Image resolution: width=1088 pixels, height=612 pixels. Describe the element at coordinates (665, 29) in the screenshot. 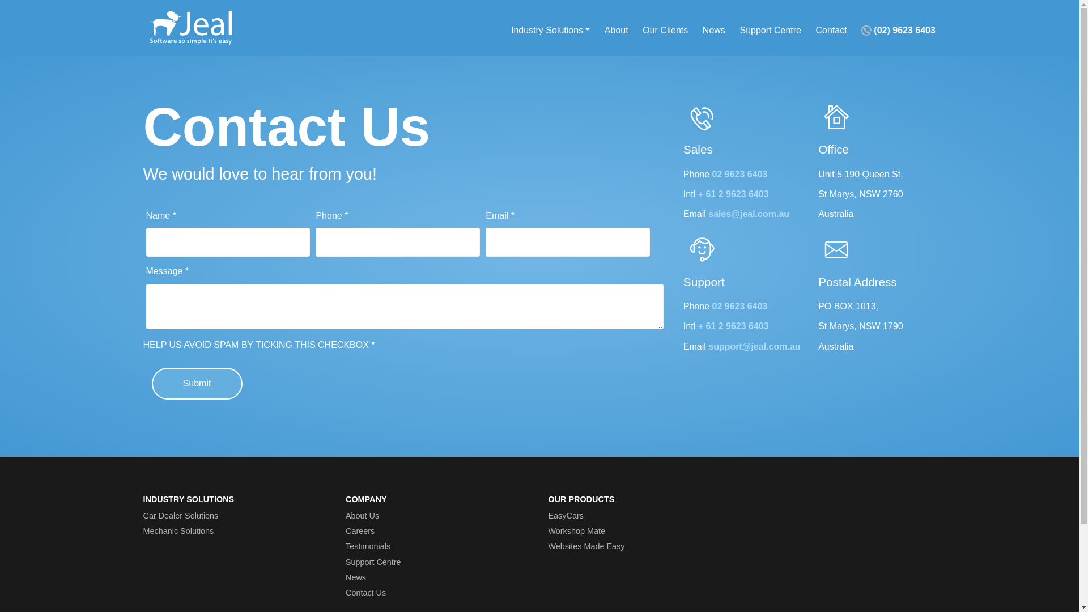

I see `'Our Clients'` at that location.